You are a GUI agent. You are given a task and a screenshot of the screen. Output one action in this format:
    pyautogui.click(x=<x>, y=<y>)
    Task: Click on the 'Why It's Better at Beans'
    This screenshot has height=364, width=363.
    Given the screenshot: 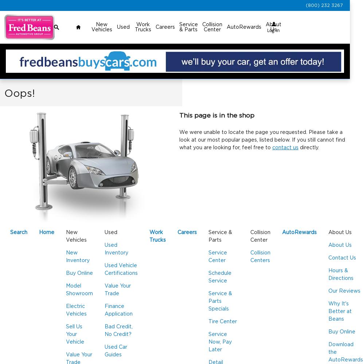 What is the action you would take?
    pyautogui.click(x=340, y=311)
    